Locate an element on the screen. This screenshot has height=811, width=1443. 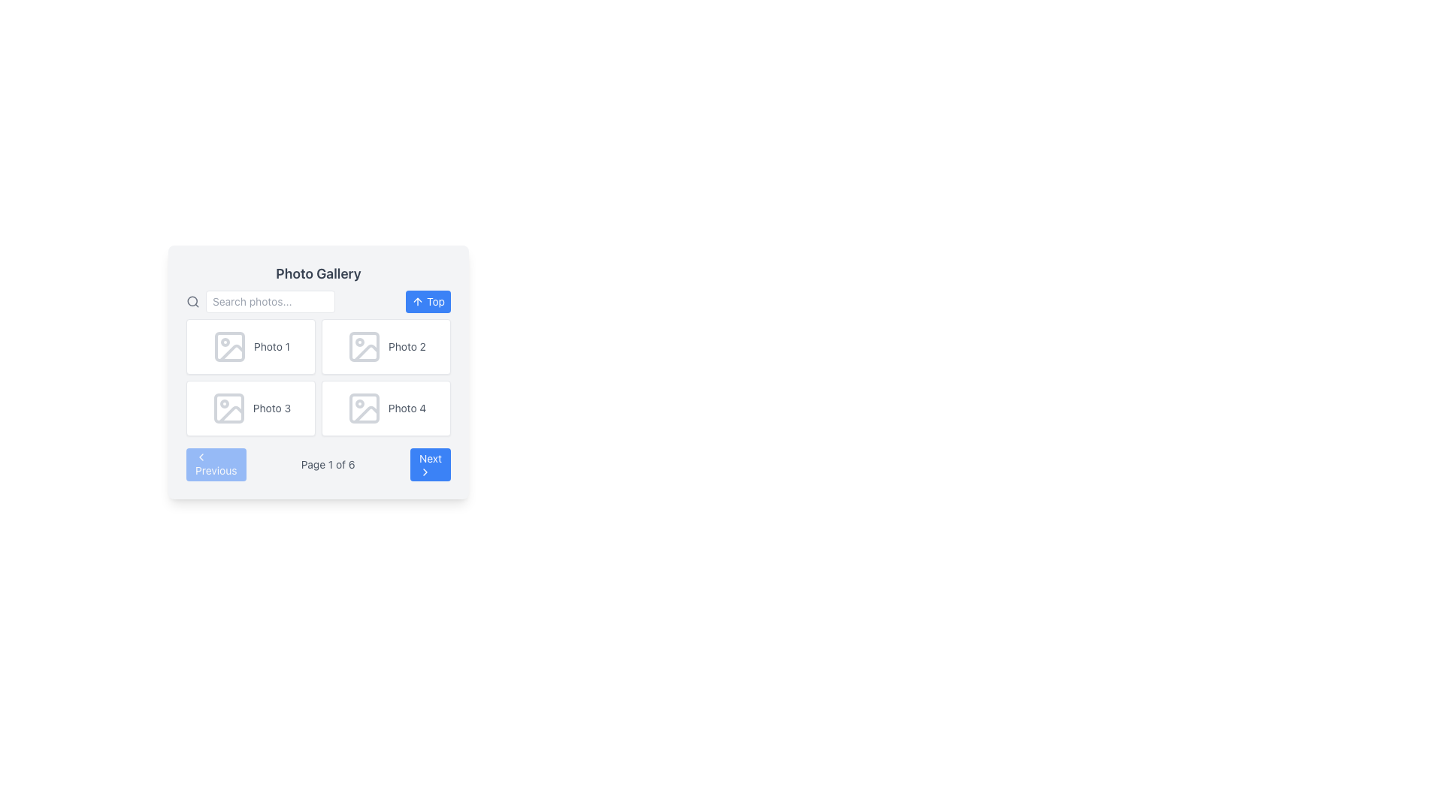
text content of the static label displaying 'Photo 1', which is located to the right of the image icon in the photo gallery panel is located at coordinates (271, 347).